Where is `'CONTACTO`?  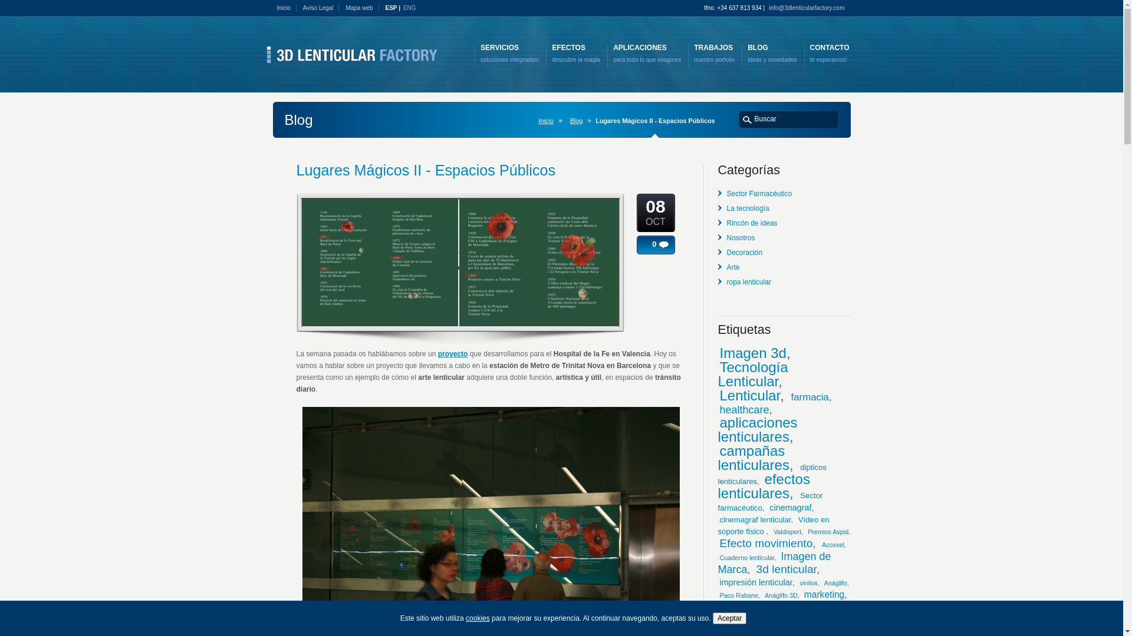 'CONTACTO is located at coordinates (829, 54).